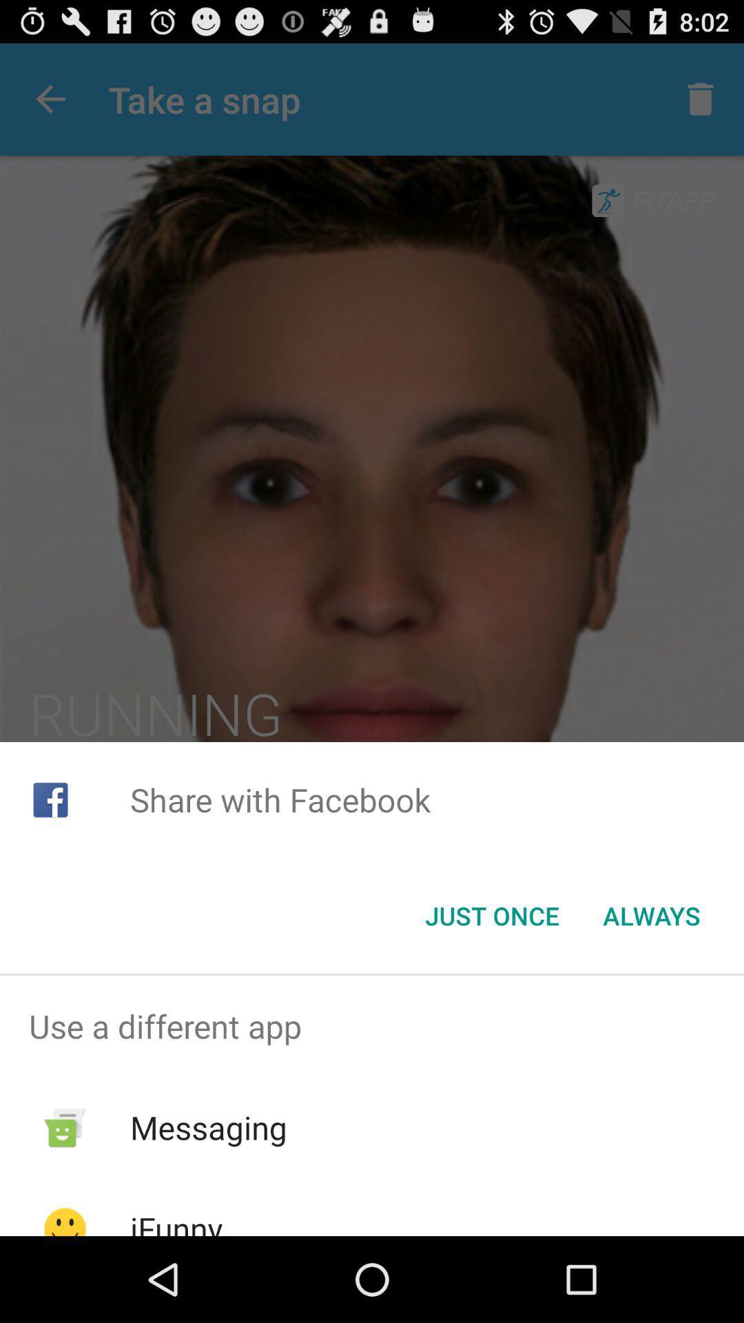 The height and width of the screenshot is (1323, 744). I want to click on icon above the ifunny item, so click(209, 1127).